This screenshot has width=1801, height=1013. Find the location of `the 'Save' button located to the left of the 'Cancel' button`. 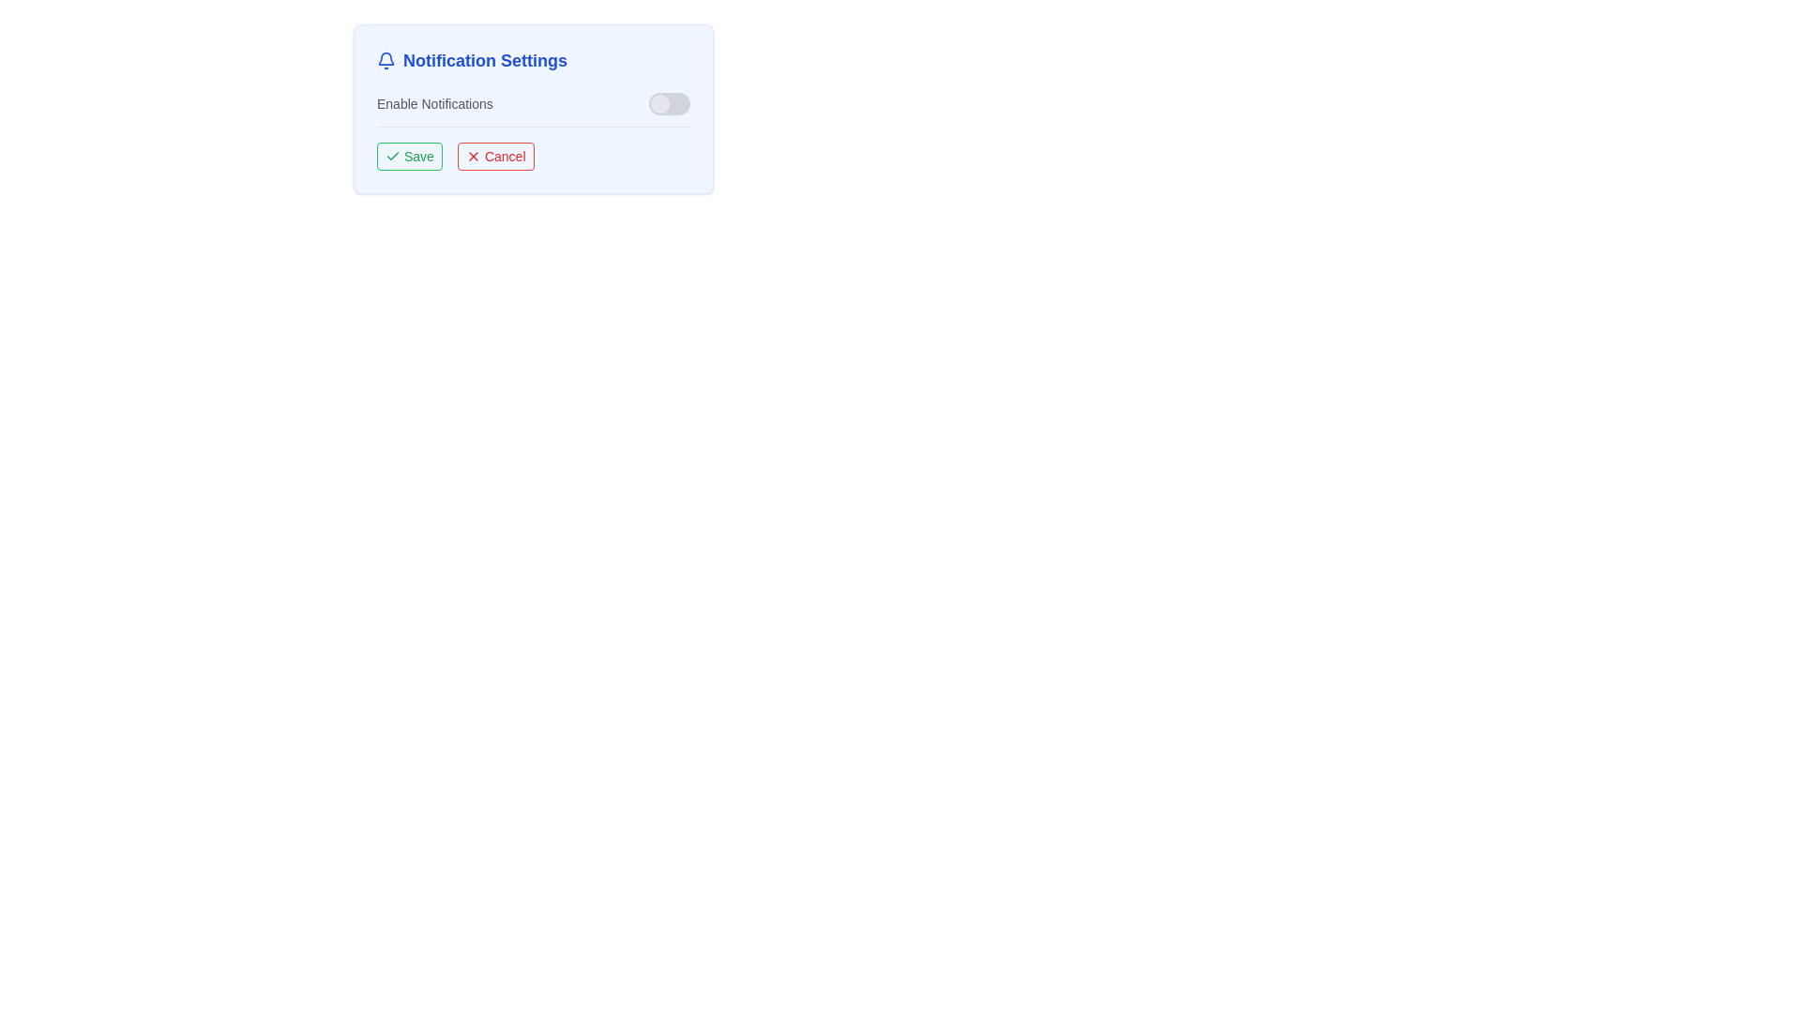

the 'Save' button located to the left of the 'Cancel' button is located at coordinates (408, 155).